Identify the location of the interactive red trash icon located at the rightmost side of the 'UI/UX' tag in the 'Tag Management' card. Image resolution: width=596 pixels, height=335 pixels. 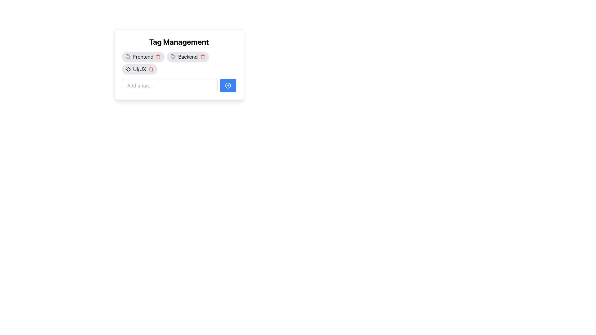
(151, 69).